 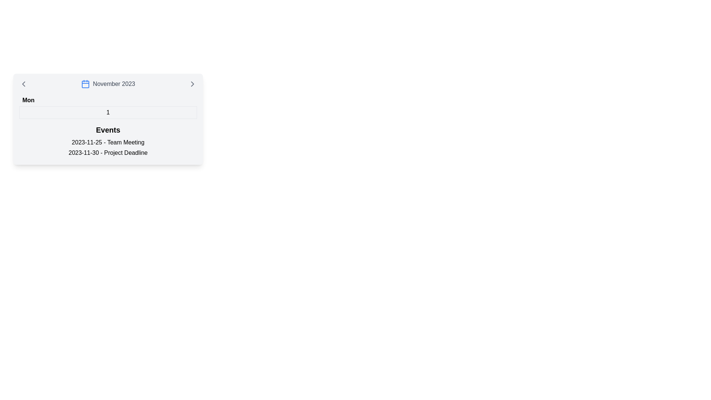 I want to click on the central rectangle inside the SVG calendar icon, which serves as a placeholder for calendar details, so click(x=86, y=84).